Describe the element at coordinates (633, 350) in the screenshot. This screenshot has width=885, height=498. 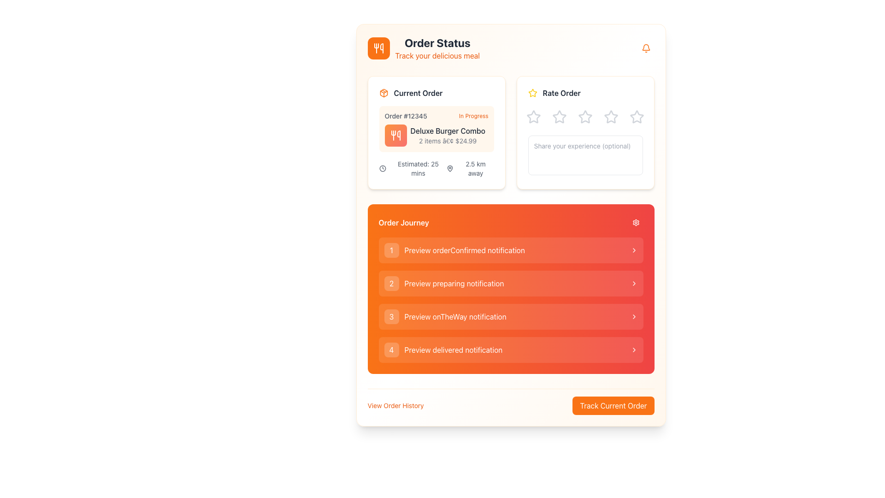
I see `the icon at the end of the list item labeled '4 Preview delivered notification', which indicates further navigational actions or information` at that location.